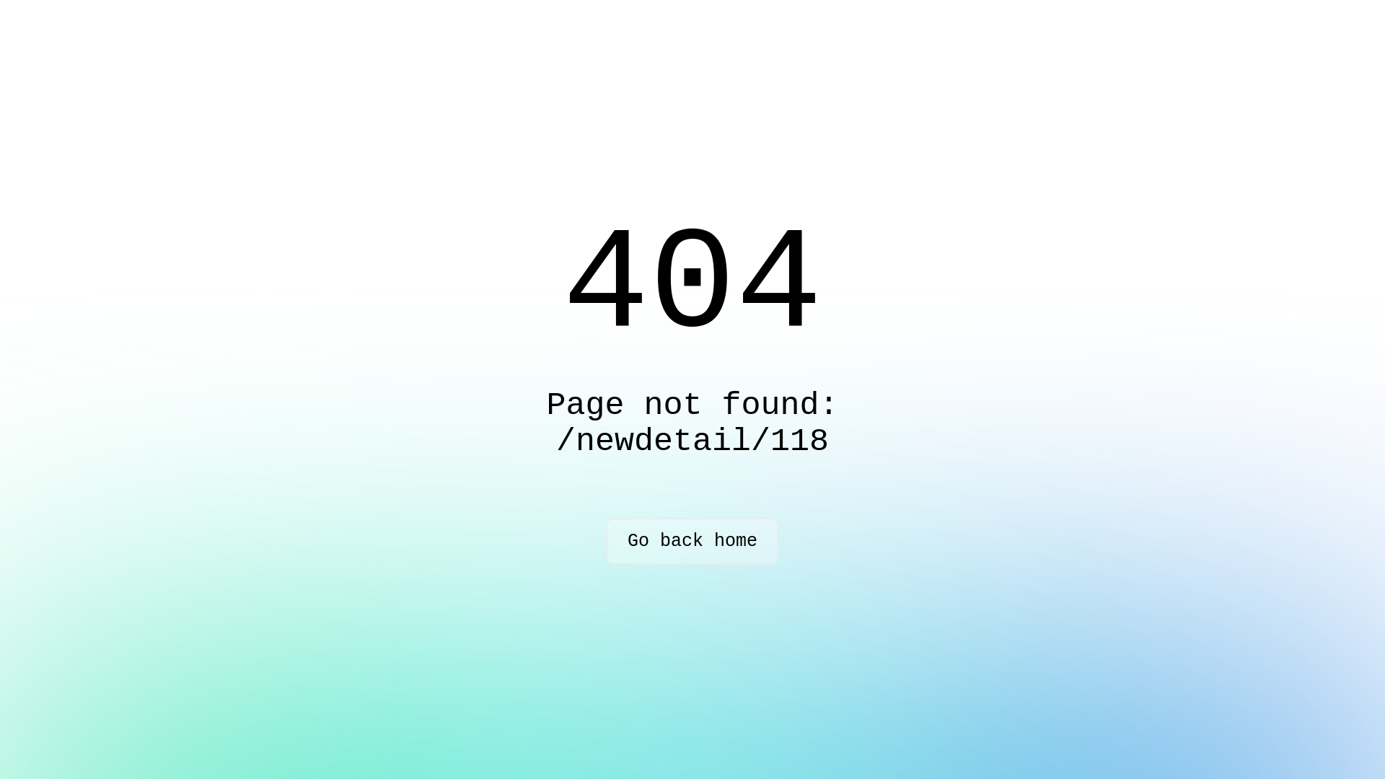 This screenshot has height=779, width=1385. Describe the element at coordinates (692, 541) in the screenshot. I see `'Go back home'` at that location.